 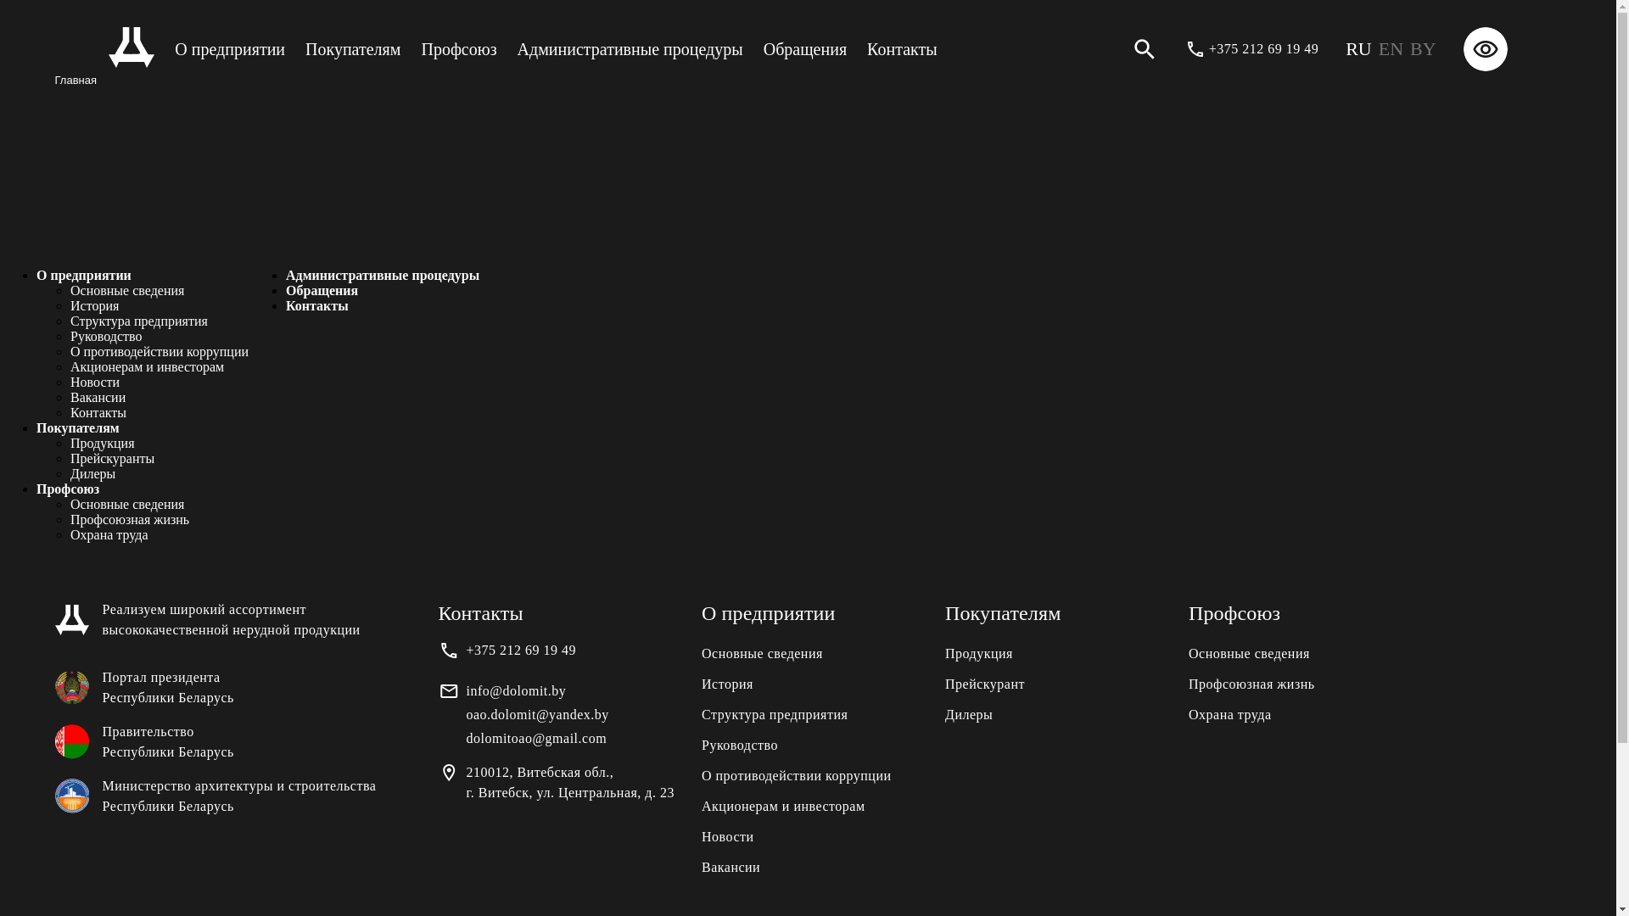 What do you see at coordinates (1358, 47) in the screenshot?
I see `'RU'` at bounding box center [1358, 47].